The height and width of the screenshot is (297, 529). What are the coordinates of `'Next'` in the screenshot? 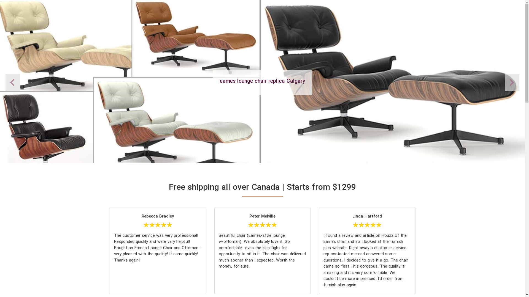 It's located at (13, 82).